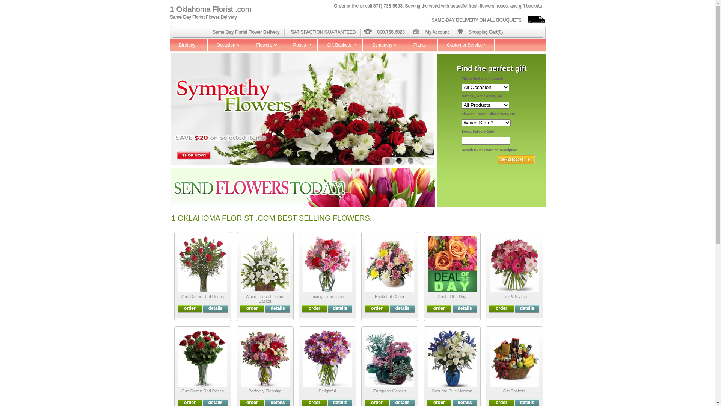  Describe the element at coordinates (421, 45) in the screenshot. I see `'Plants'` at that location.